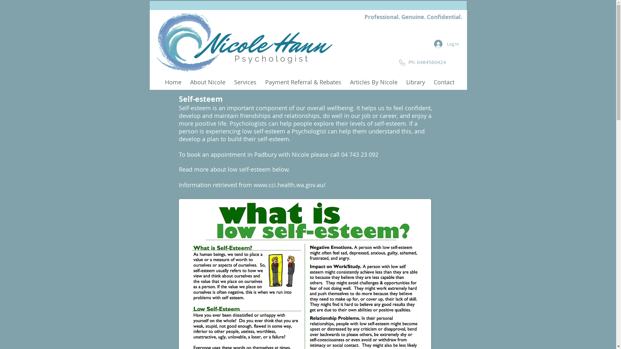 The height and width of the screenshot is (349, 621). What do you see at coordinates (173, 81) in the screenshot?
I see `'Home'` at bounding box center [173, 81].